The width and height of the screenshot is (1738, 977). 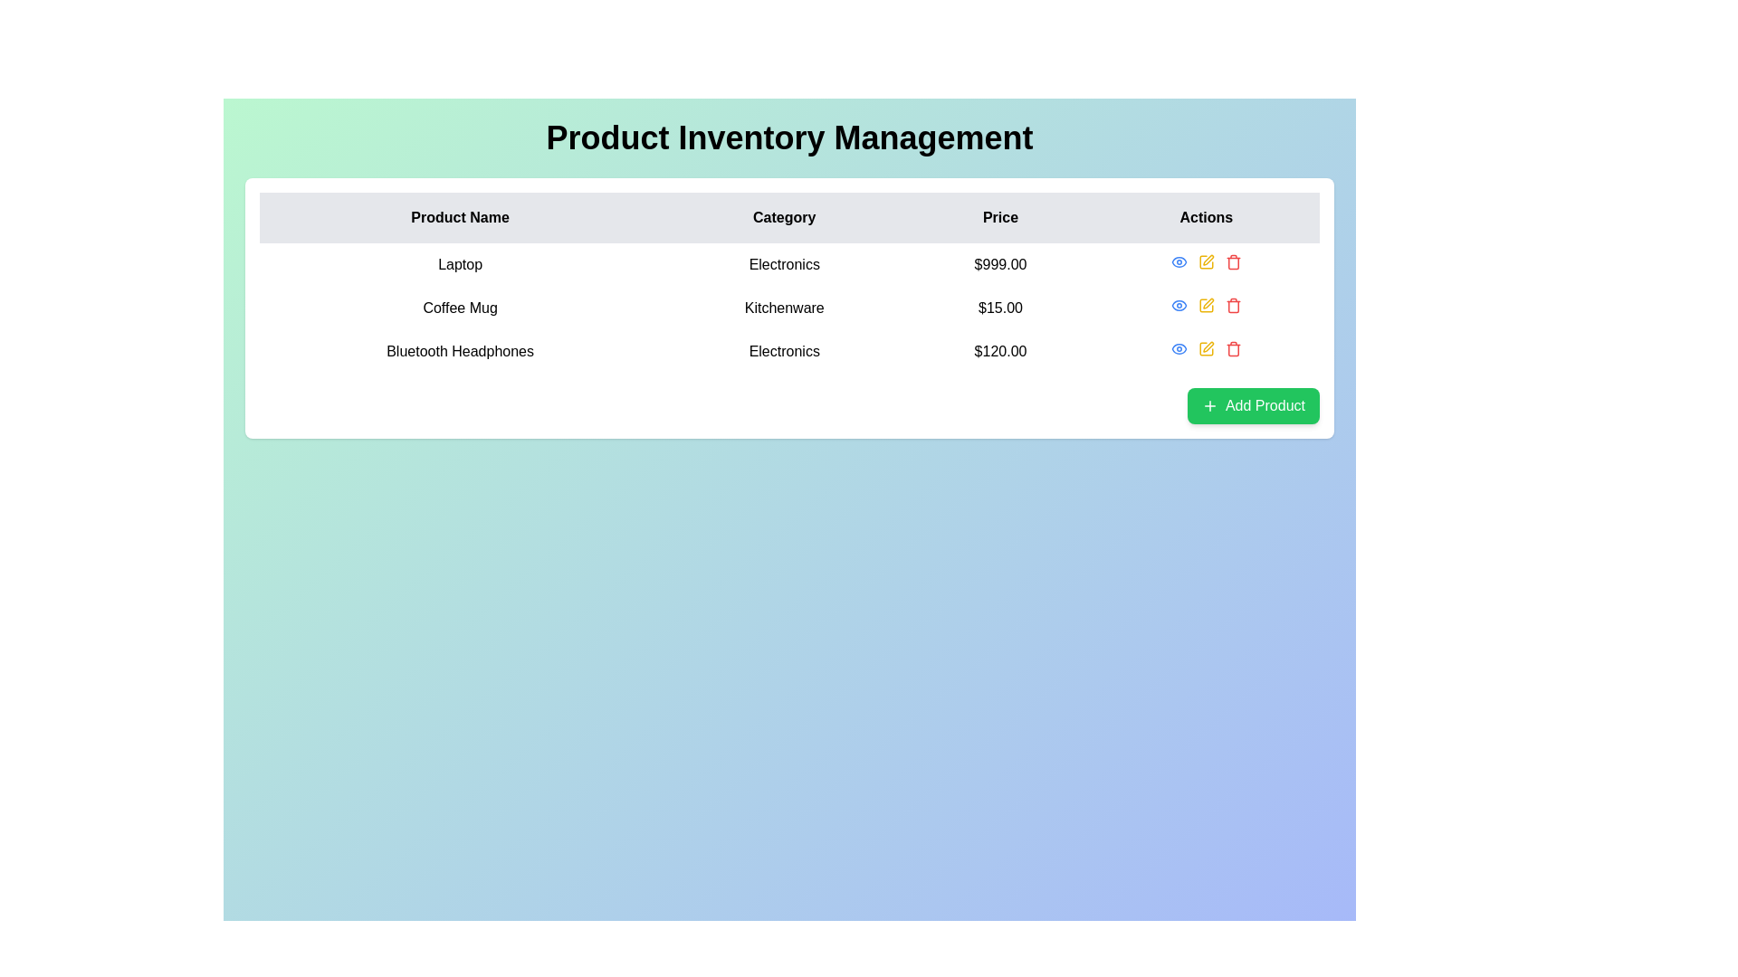 I want to click on the yellow pencil icon button for editing in the actions column of the third row in the Product Inventory Management table to observe the hover effect, so click(x=1206, y=348).